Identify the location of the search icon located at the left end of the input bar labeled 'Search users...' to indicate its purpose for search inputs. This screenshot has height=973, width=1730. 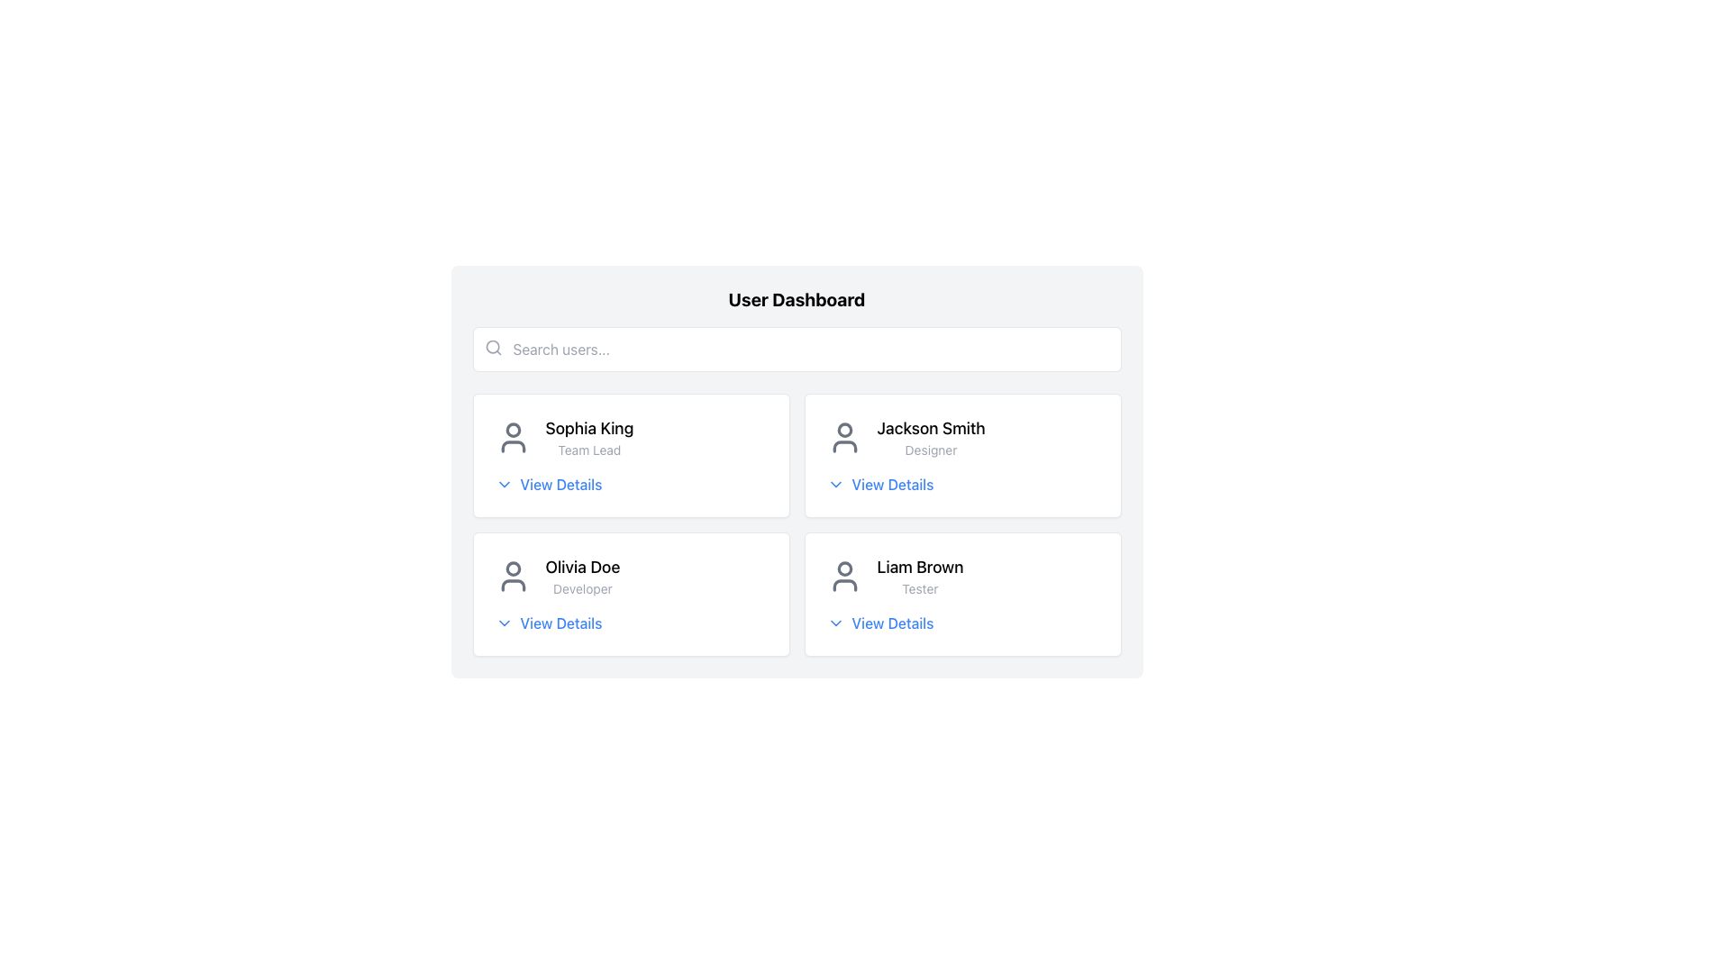
(493, 347).